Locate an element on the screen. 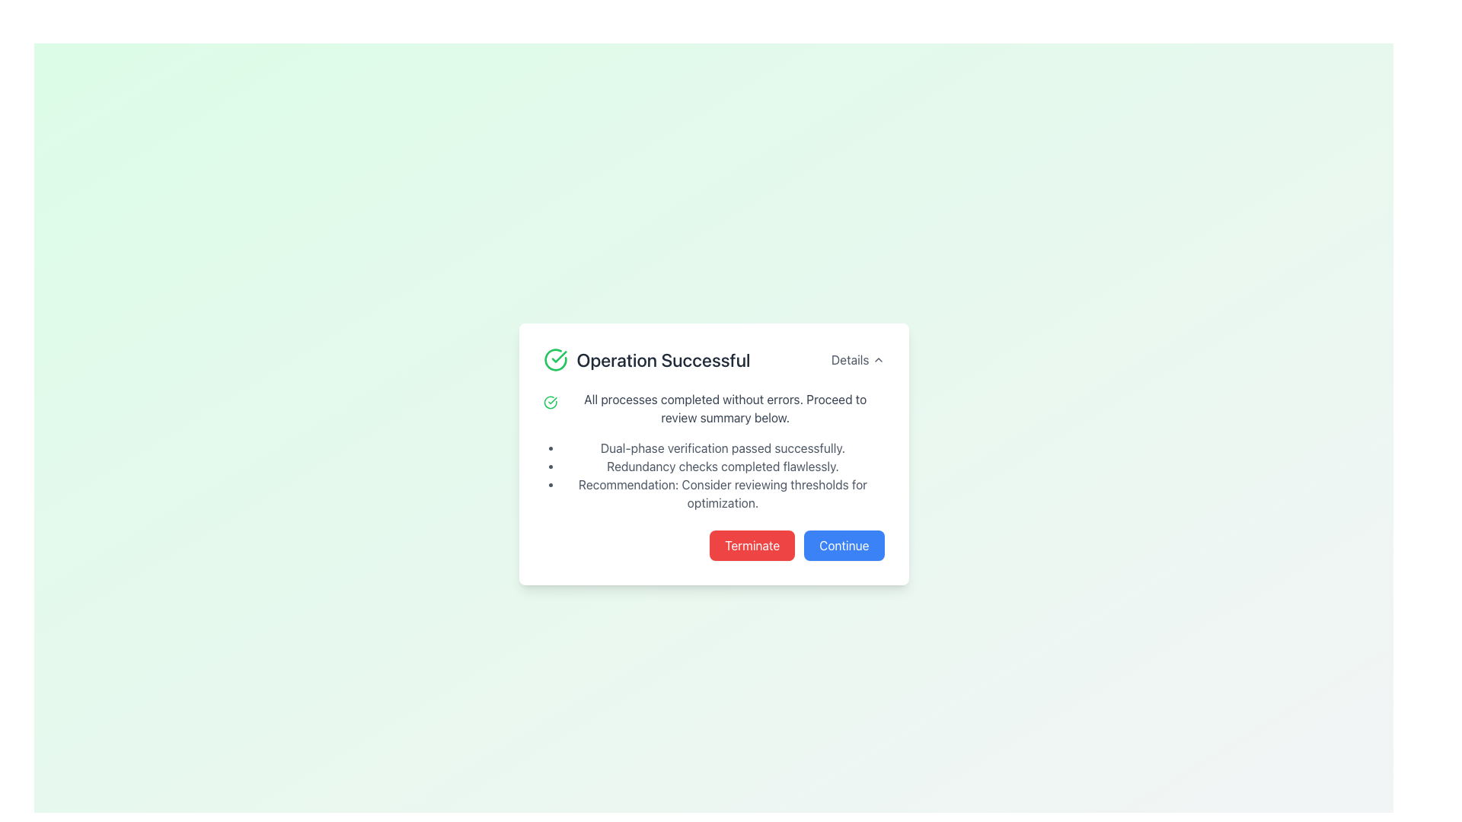 The width and height of the screenshot is (1462, 822). the circular green checkmark icon that signifies a successful operation, located before the text 'Operation Successful' in the dialog box is located at coordinates (554, 360).